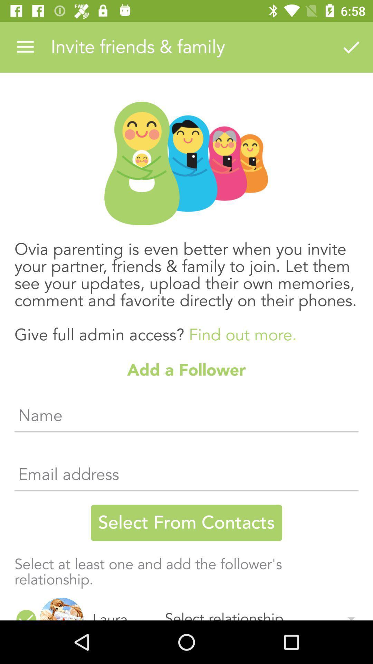 Image resolution: width=373 pixels, height=664 pixels. What do you see at coordinates (25, 47) in the screenshot?
I see `the item next to the invite friends & family item` at bounding box center [25, 47].